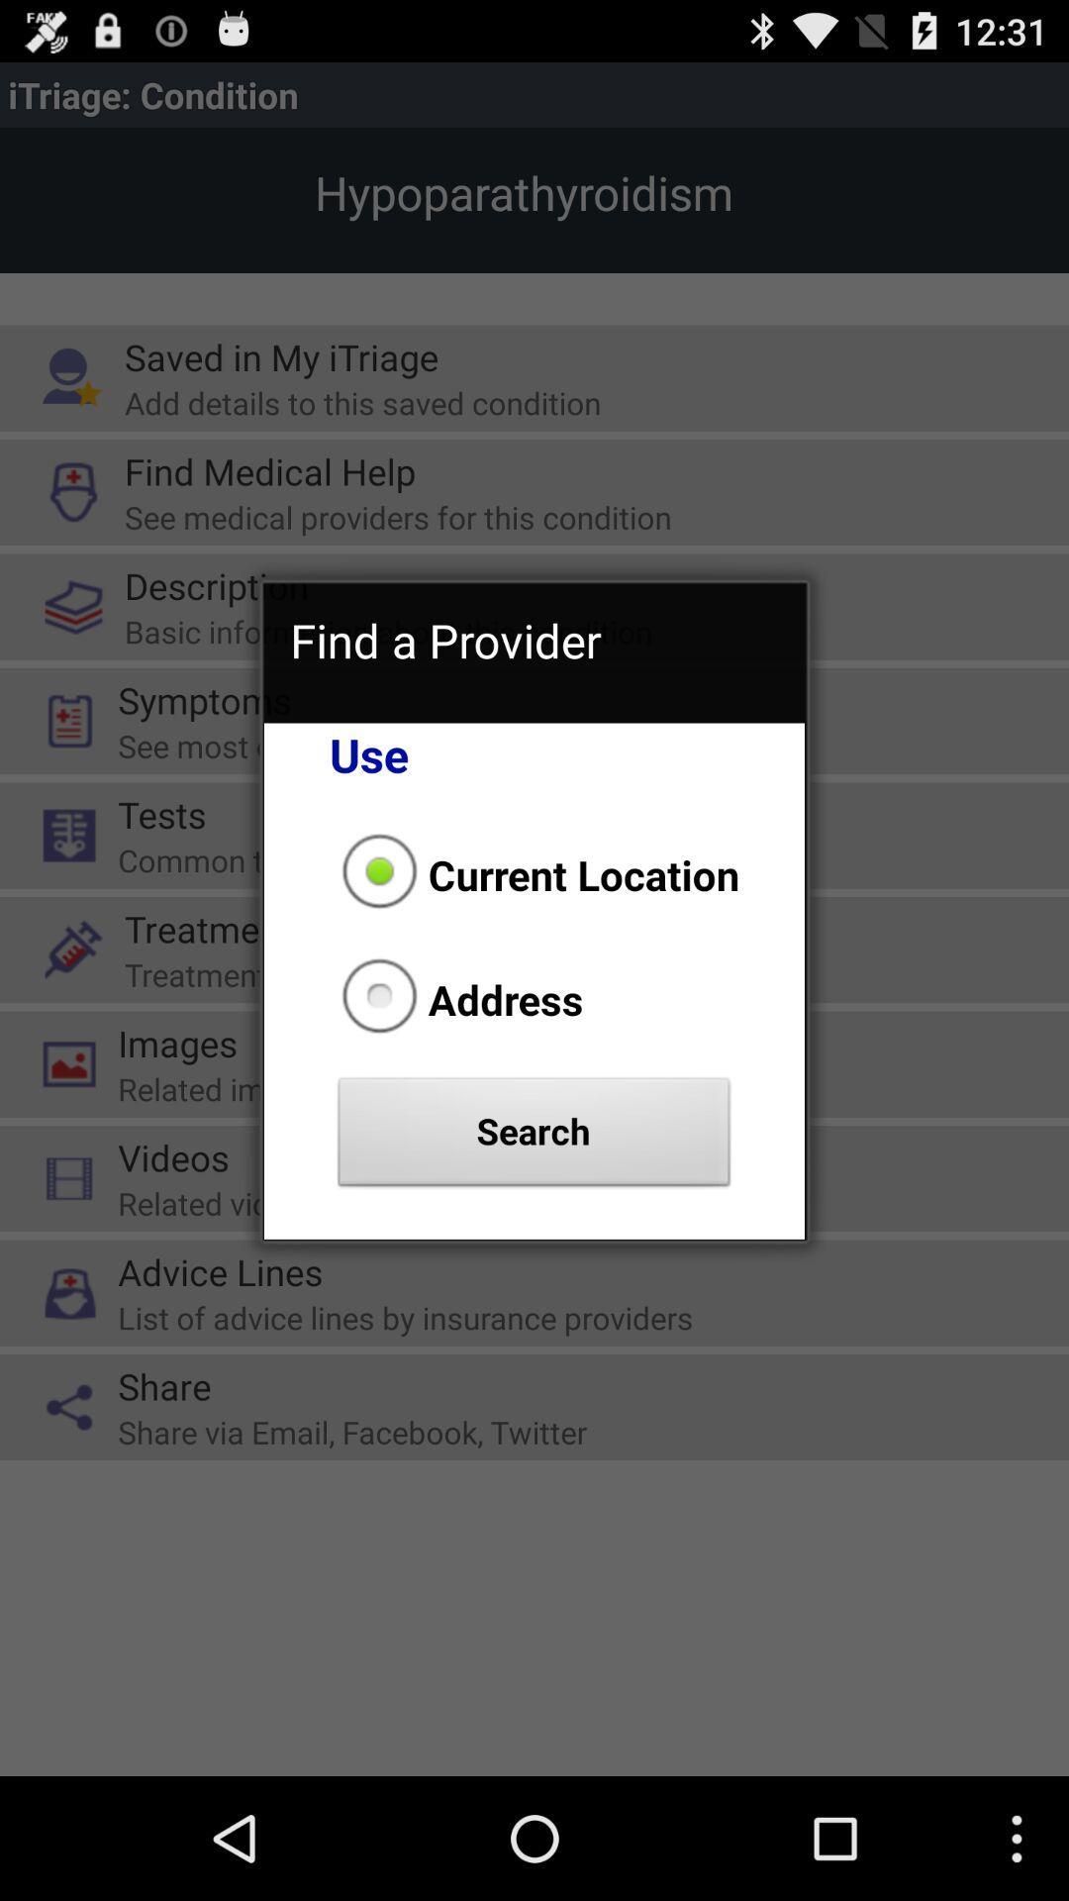 The width and height of the screenshot is (1069, 1901). Describe the element at coordinates (534, 1137) in the screenshot. I see `search button` at that location.